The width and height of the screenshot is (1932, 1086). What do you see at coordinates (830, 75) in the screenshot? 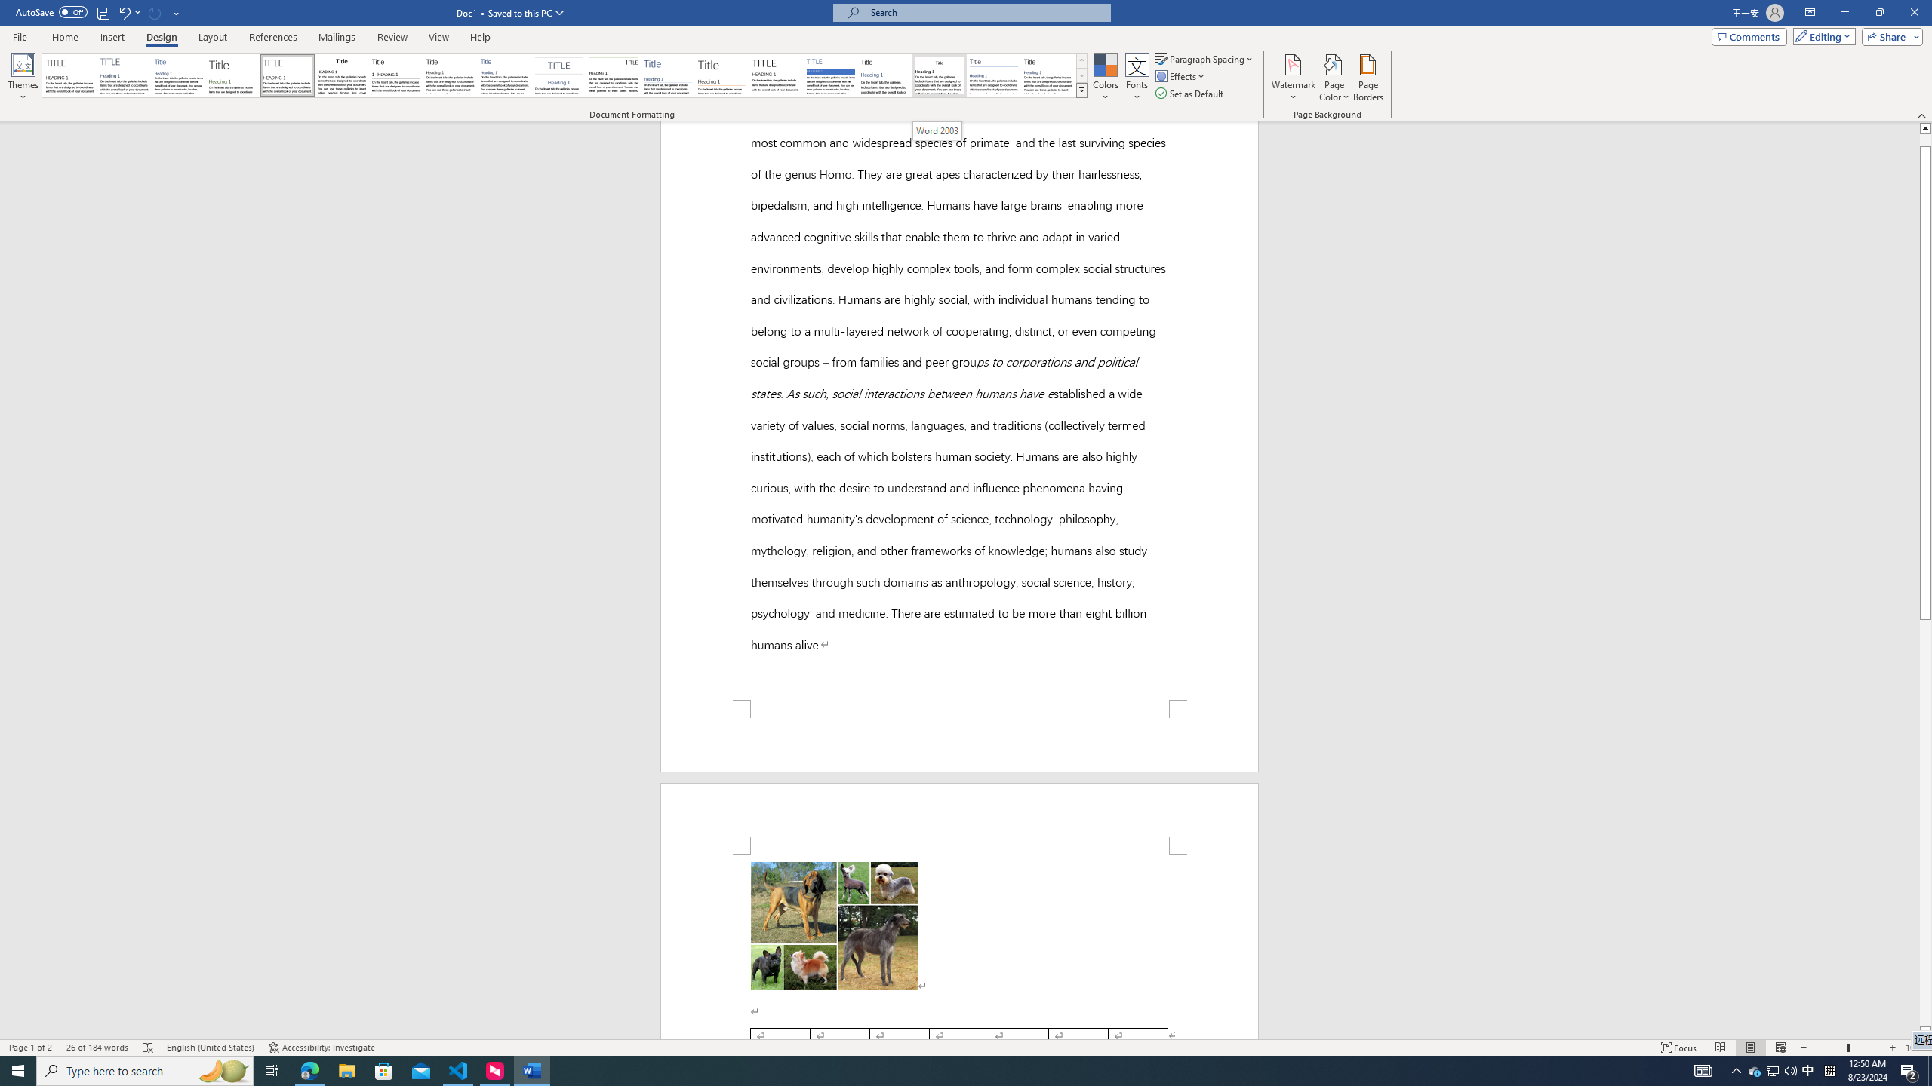
I see `'Shaded'` at bounding box center [830, 75].